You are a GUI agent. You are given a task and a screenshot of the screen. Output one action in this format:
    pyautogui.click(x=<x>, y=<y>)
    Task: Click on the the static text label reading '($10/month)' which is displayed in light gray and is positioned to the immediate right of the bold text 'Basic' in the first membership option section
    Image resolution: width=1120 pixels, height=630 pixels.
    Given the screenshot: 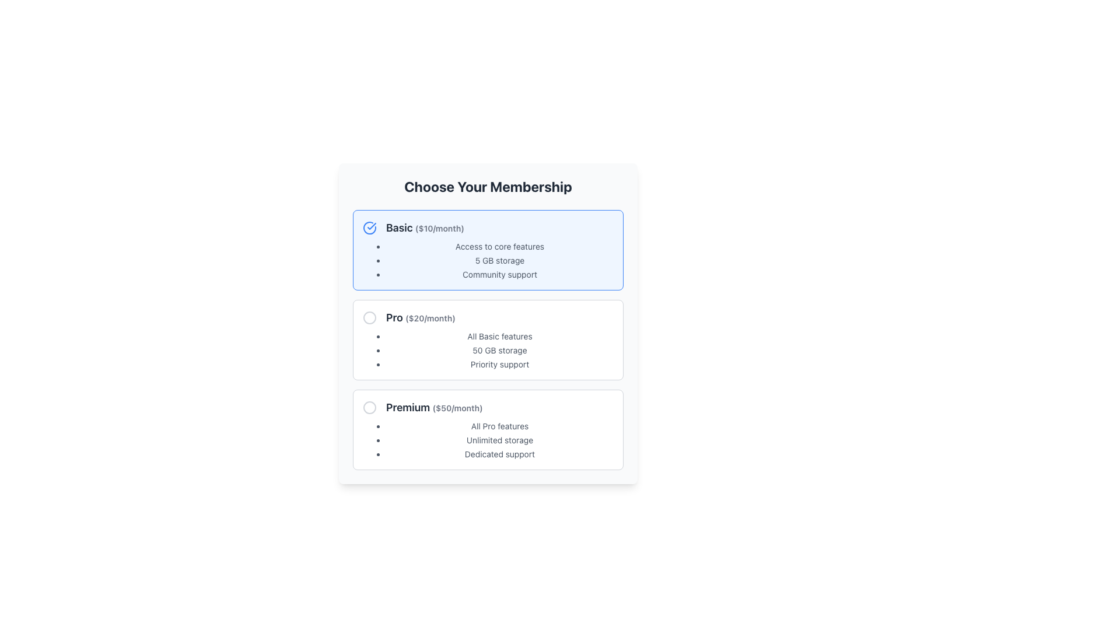 What is the action you would take?
    pyautogui.click(x=439, y=228)
    